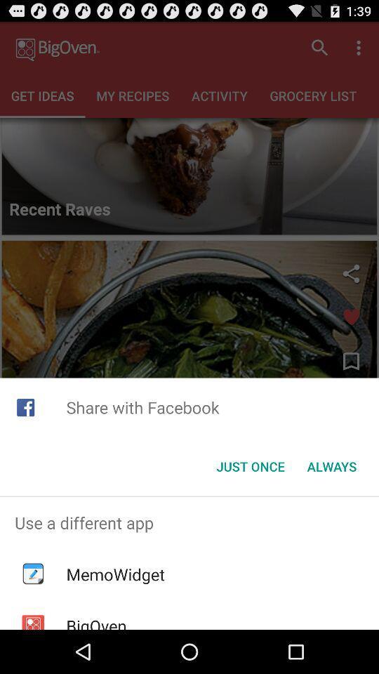 Image resolution: width=379 pixels, height=674 pixels. I want to click on memowidget app, so click(114, 574).